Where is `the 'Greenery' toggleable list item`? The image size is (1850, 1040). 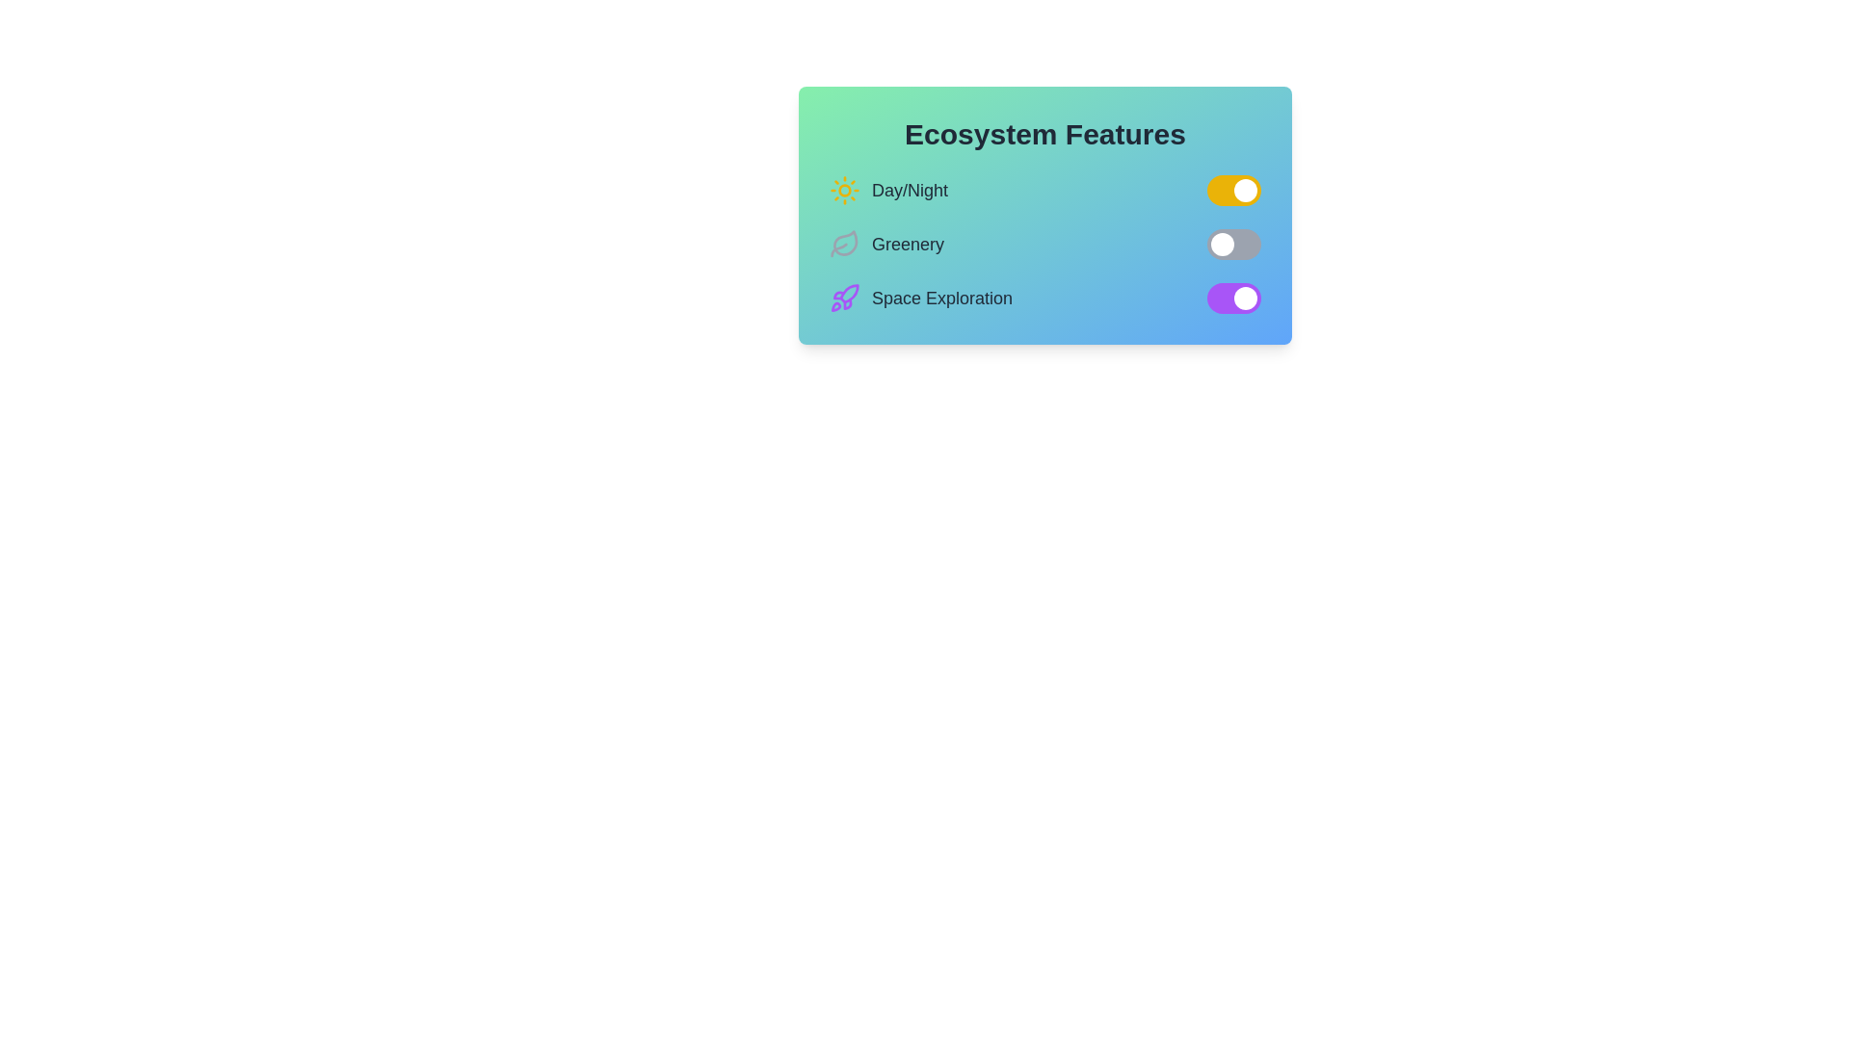 the 'Greenery' toggleable list item is located at coordinates (1044, 244).